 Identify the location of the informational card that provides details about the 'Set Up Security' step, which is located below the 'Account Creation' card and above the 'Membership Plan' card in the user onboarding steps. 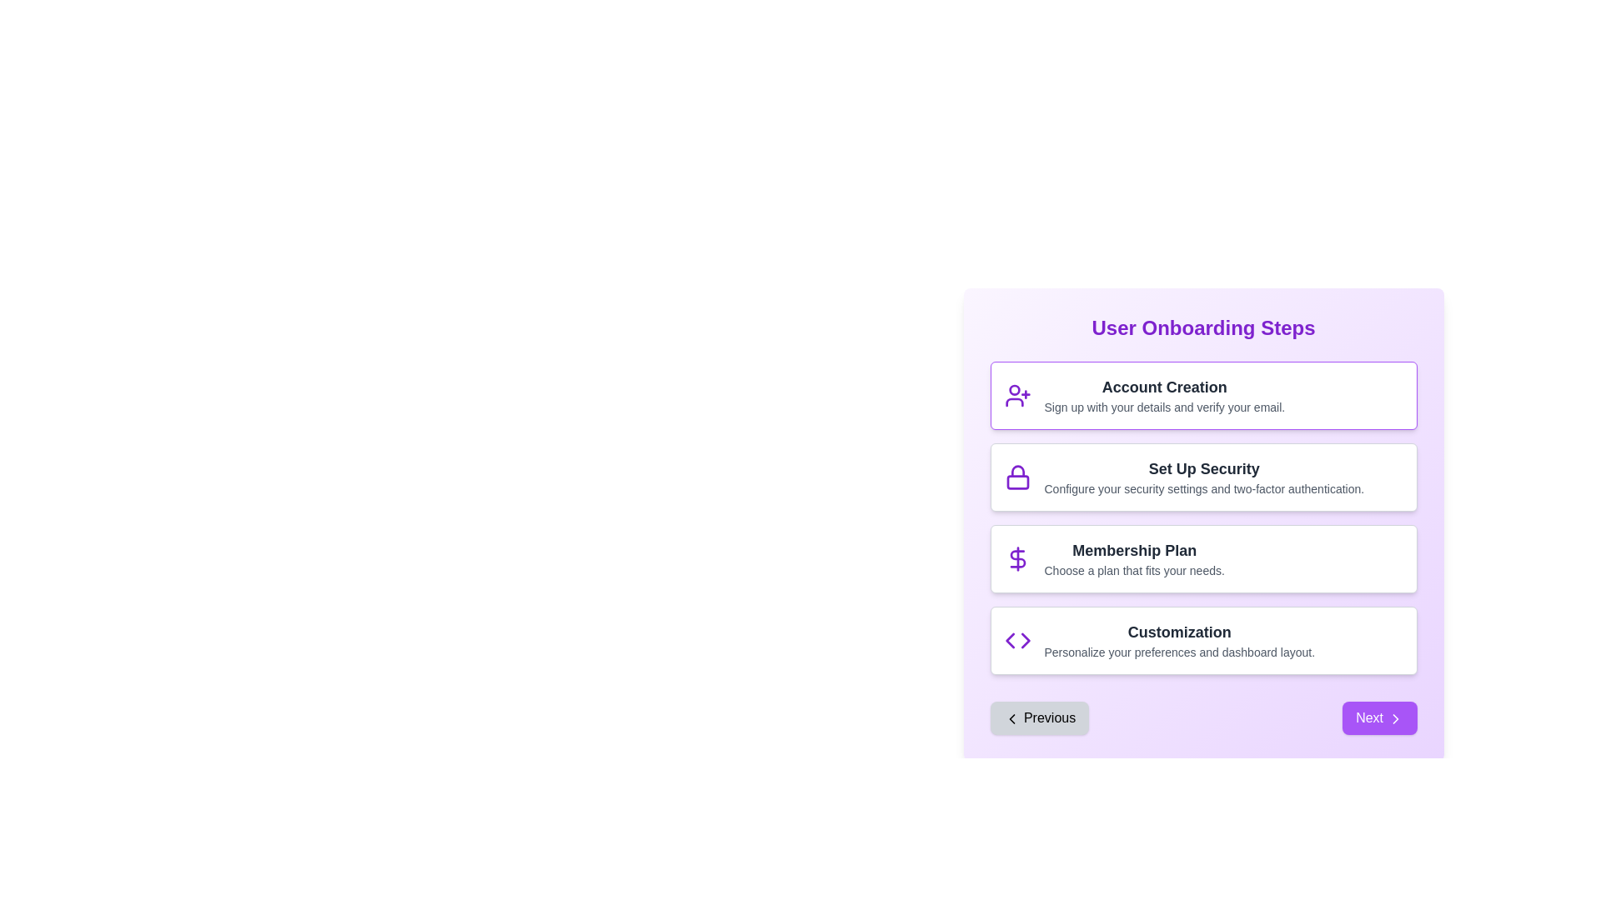
(1204, 477).